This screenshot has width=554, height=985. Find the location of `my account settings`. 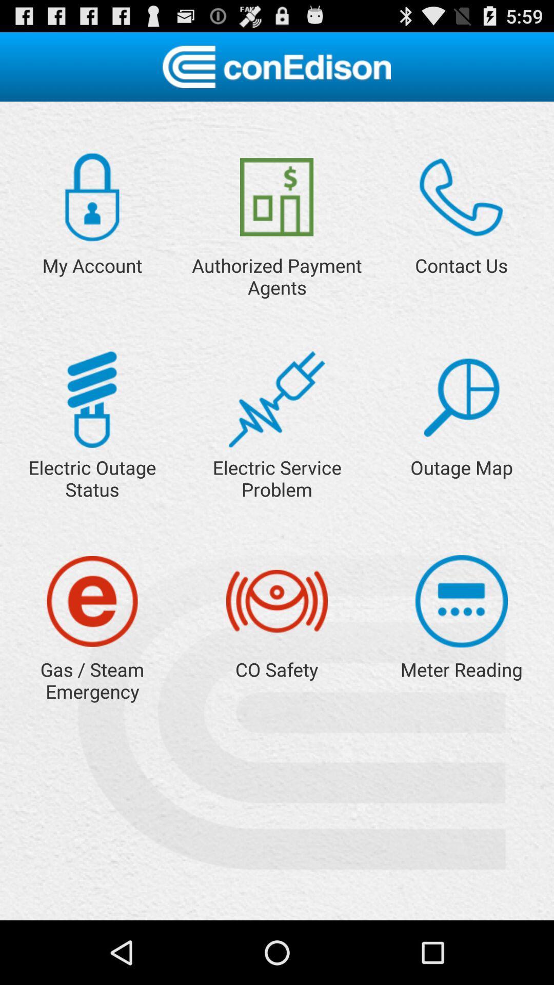

my account settings is located at coordinates (92, 197).